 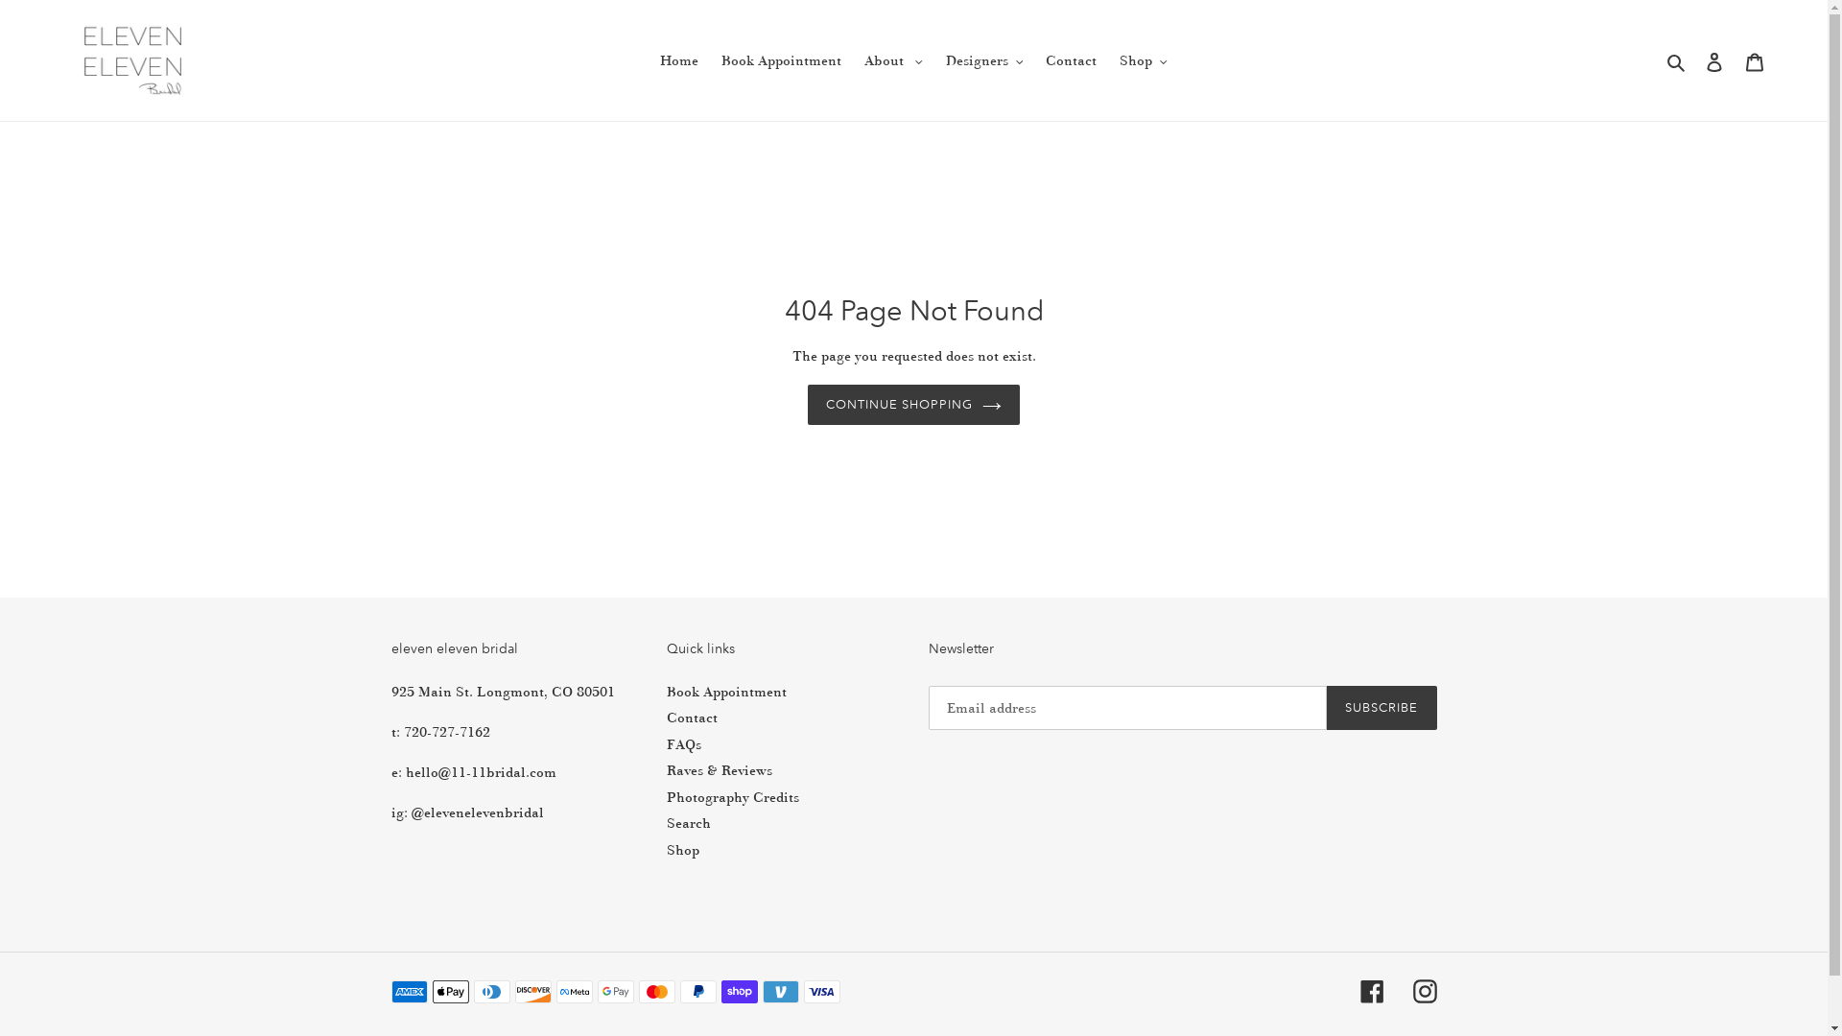 I want to click on 'Contact', so click(x=1070, y=59).